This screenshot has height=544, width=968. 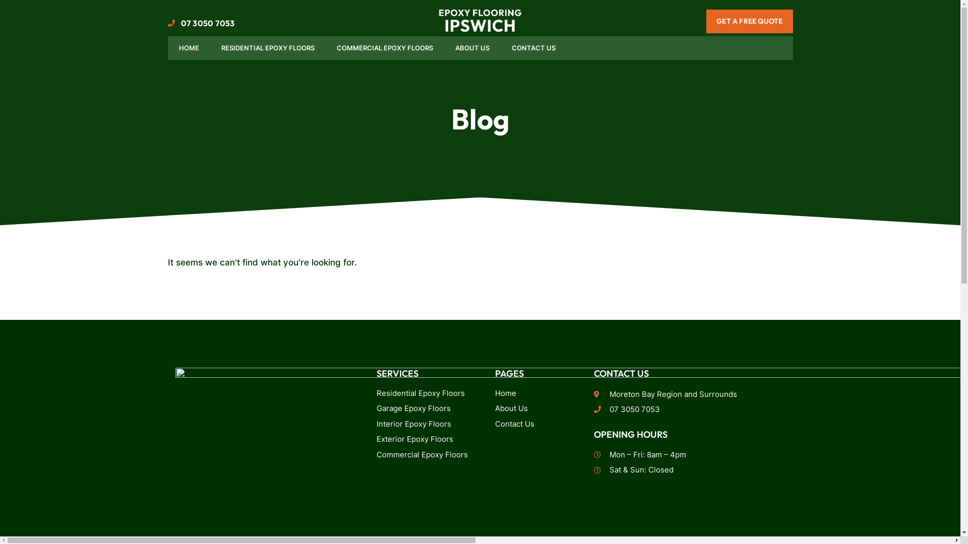 What do you see at coordinates (376, 424) in the screenshot?
I see `'Interior Epoxy Floors'` at bounding box center [376, 424].